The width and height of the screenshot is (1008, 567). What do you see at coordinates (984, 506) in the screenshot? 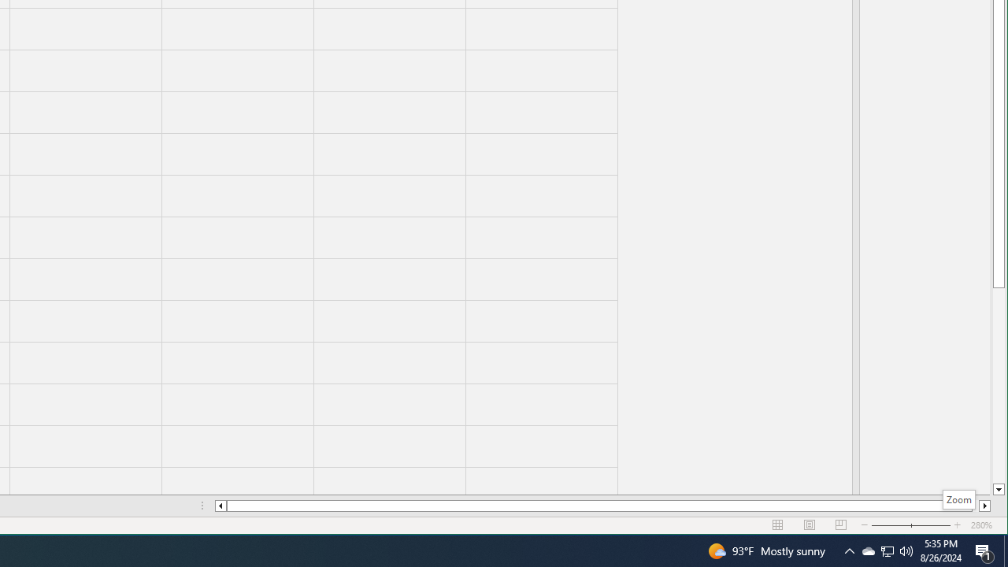
I see `'Column right'` at bounding box center [984, 506].